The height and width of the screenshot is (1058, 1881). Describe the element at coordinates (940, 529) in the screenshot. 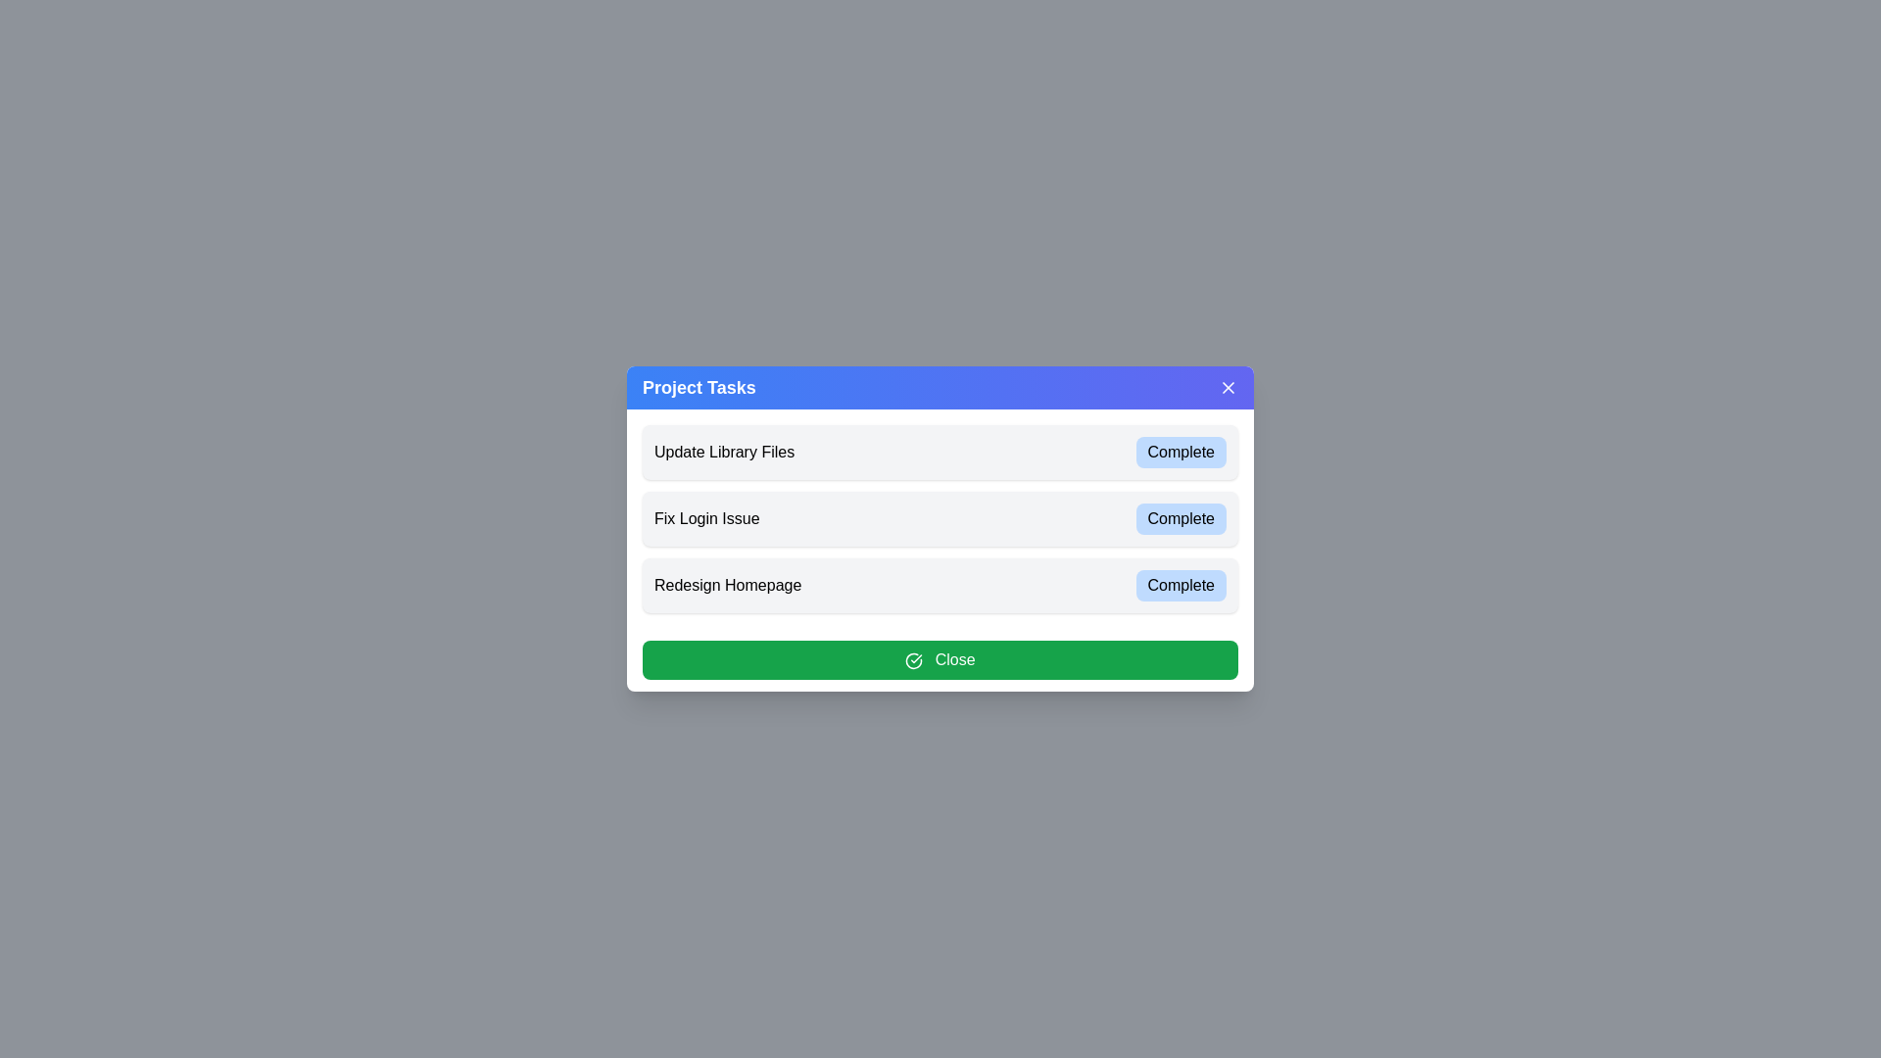

I see `task description of the task item labeled 'Fix Login Issue', which is the second task in the task list within the modal window` at that location.